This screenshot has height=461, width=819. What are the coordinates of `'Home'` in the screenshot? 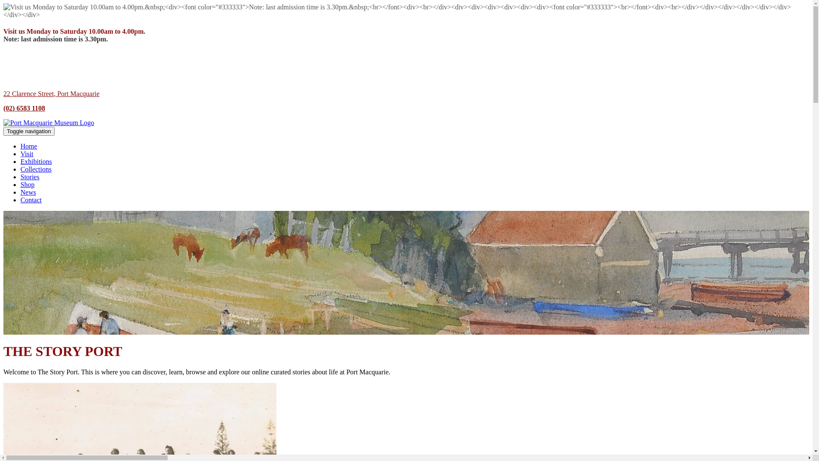 It's located at (29, 146).